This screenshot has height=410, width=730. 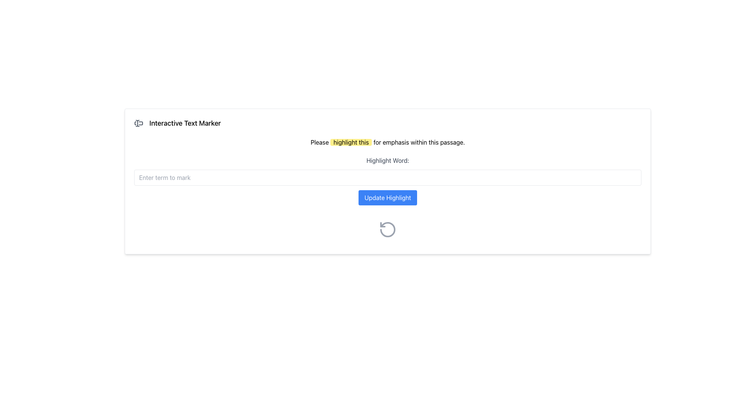 What do you see at coordinates (387, 142) in the screenshot?
I see `the static text element that states 'Please highlight this for emphasis within this passage.' which features a yellow background around the words 'highlight this'` at bounding box center [387, 142].